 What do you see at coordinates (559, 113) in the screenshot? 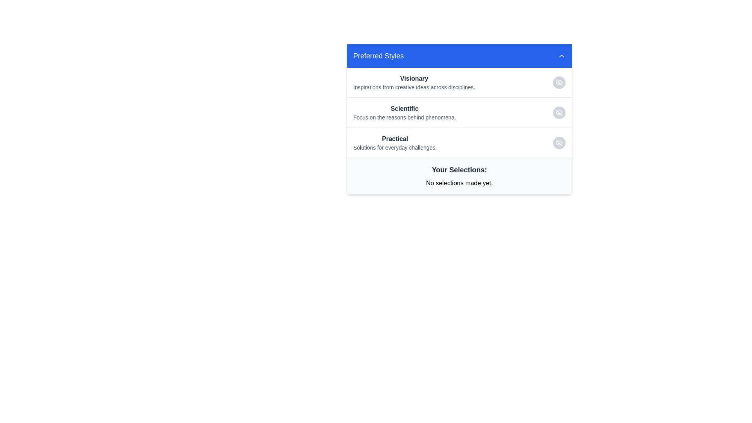
I see `the eye-off icon located to the right of the 'Scientific' entry in the 'Preferred Styles' section` at bounding box center [559, 113].